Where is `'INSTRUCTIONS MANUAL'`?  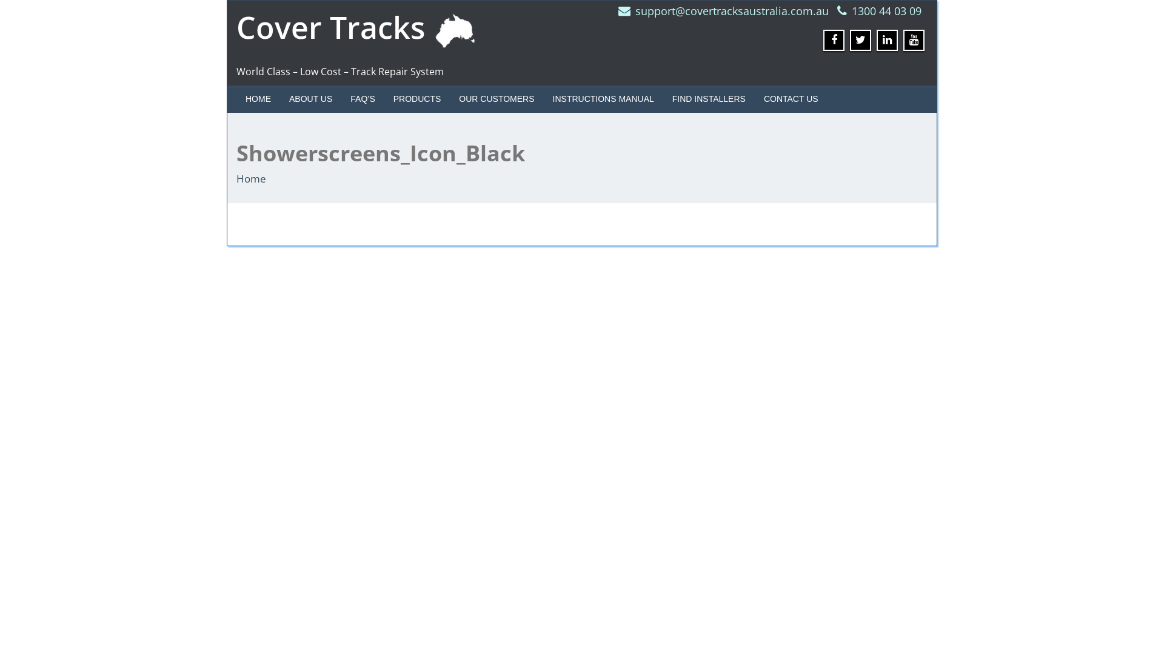 'INSTRUCTIONS MANUAL' is located at coordinates (603, 98).